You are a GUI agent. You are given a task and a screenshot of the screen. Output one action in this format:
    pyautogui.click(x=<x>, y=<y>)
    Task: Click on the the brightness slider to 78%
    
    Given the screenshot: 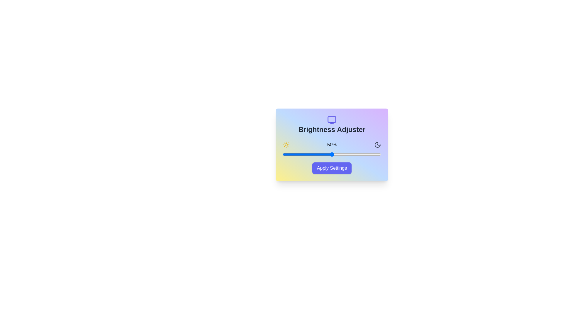 What is the action you would take?
    pyautogui.click(x=359, y=154)
    